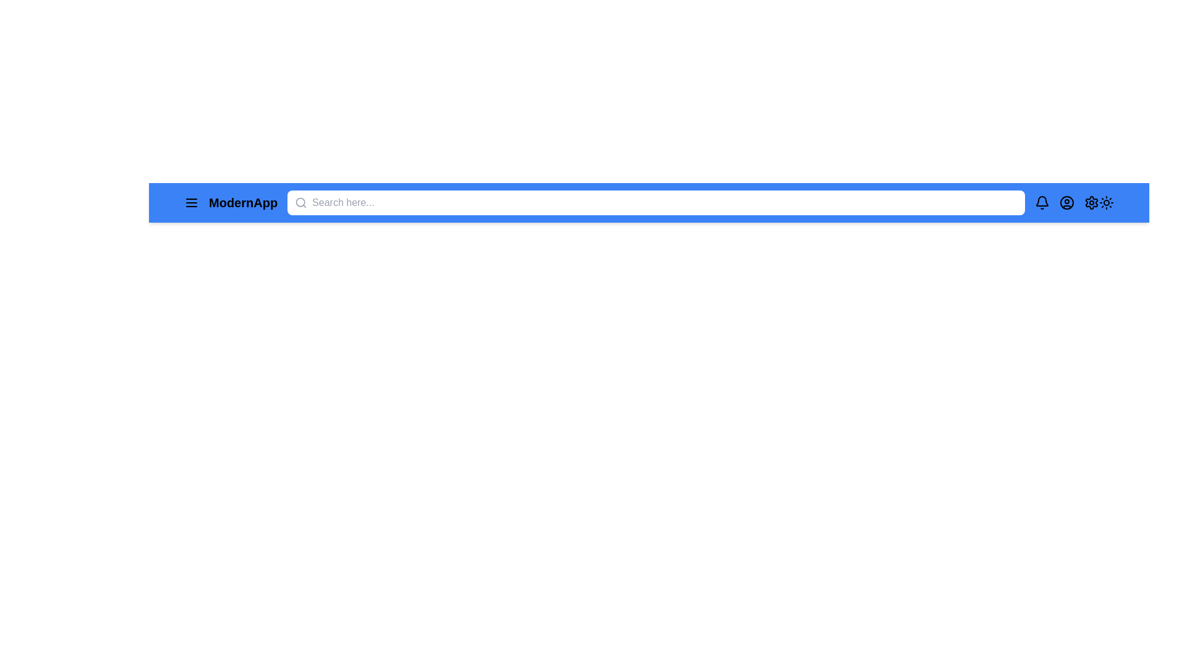  I want to click on the settings icon to open the settings menu, so click(1092, 202).